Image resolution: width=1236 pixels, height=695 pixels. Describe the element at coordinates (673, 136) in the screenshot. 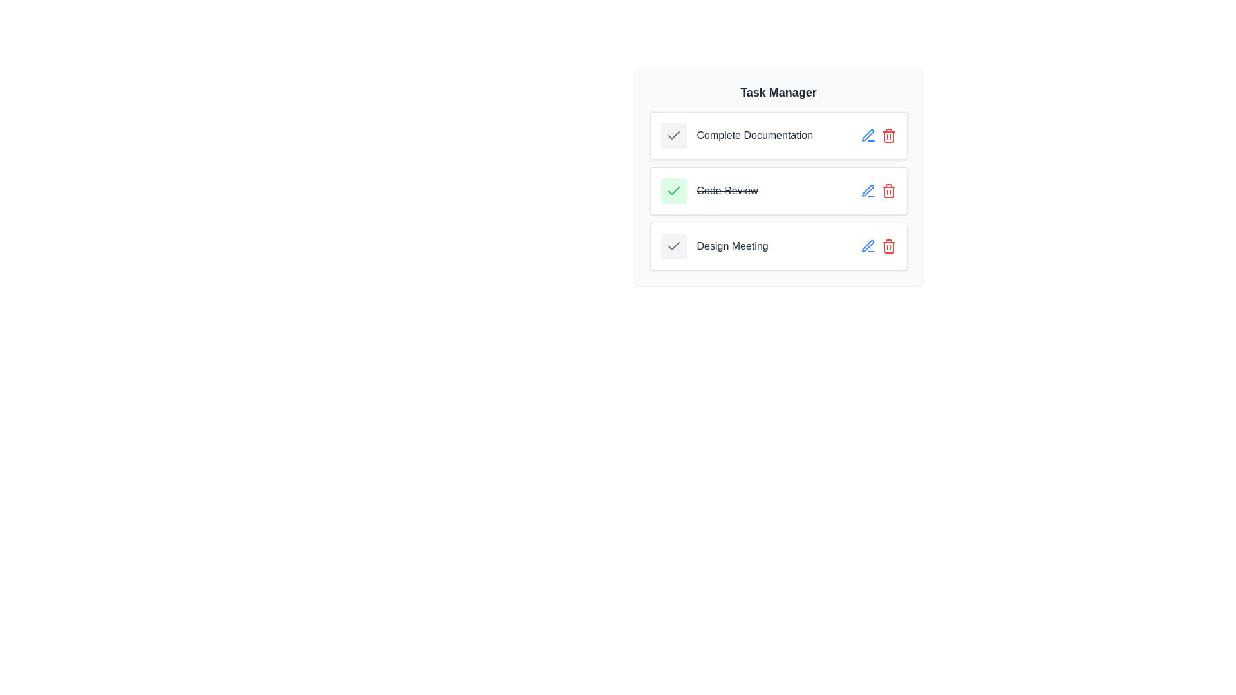

I see `the checkbox for the task 'Complete Documentation'` at that location.